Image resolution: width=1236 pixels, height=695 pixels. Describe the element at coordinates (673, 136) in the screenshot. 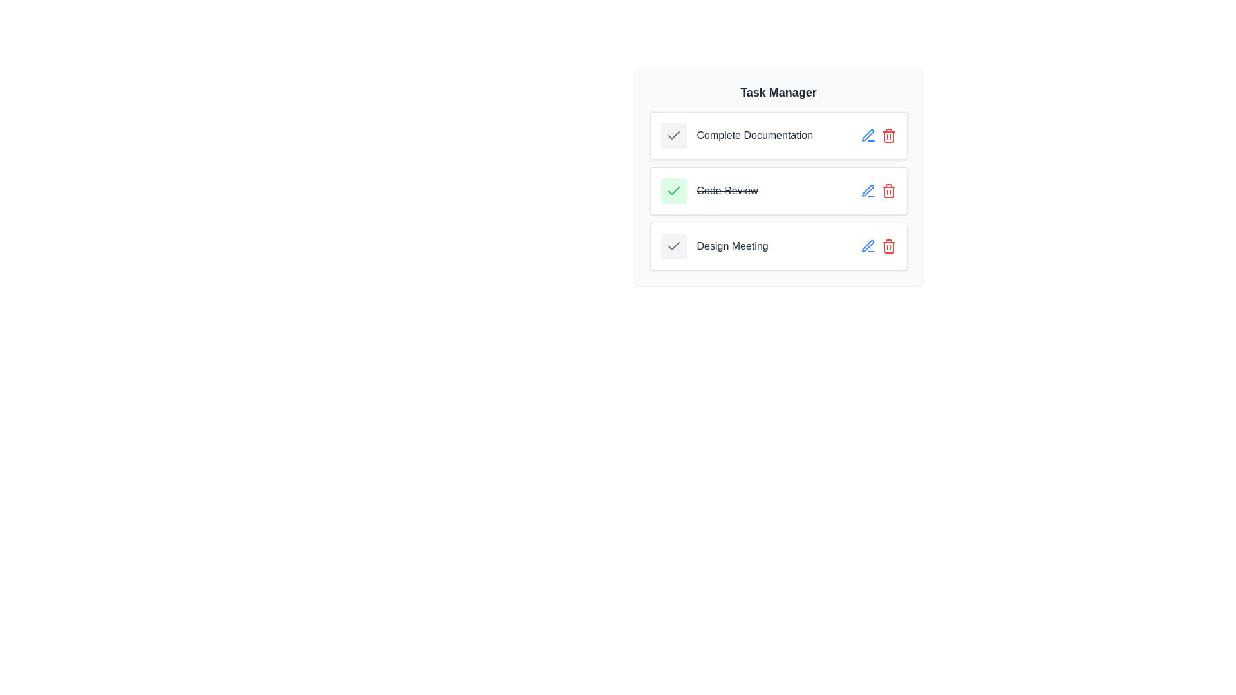

I see `the checkbox for the task 'Complete Documentation'` at that location.